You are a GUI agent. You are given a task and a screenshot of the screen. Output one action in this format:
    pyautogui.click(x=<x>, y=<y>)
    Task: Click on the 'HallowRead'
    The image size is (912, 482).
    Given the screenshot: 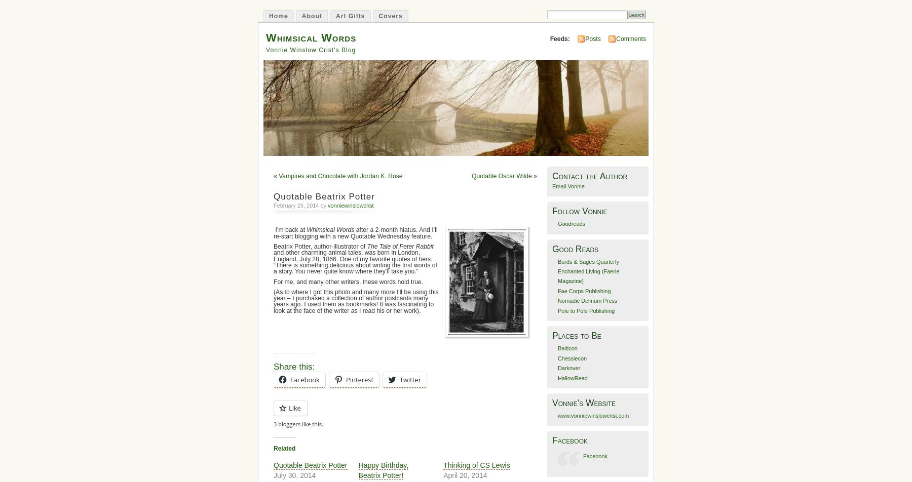 What is the action you would take?
    pyautogui.click(x=557, y=377)
    